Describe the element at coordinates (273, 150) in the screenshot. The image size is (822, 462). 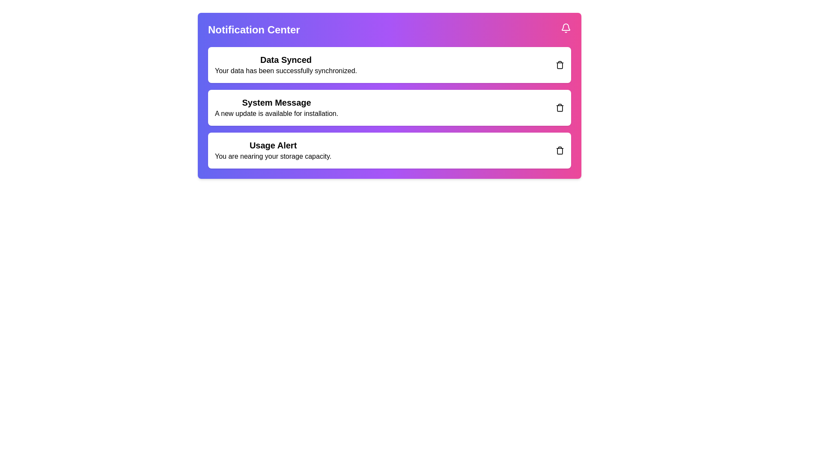
I see `the 'Usage Alert' text display which contains the message 'You are nearing your storage capacity.'` at that location.